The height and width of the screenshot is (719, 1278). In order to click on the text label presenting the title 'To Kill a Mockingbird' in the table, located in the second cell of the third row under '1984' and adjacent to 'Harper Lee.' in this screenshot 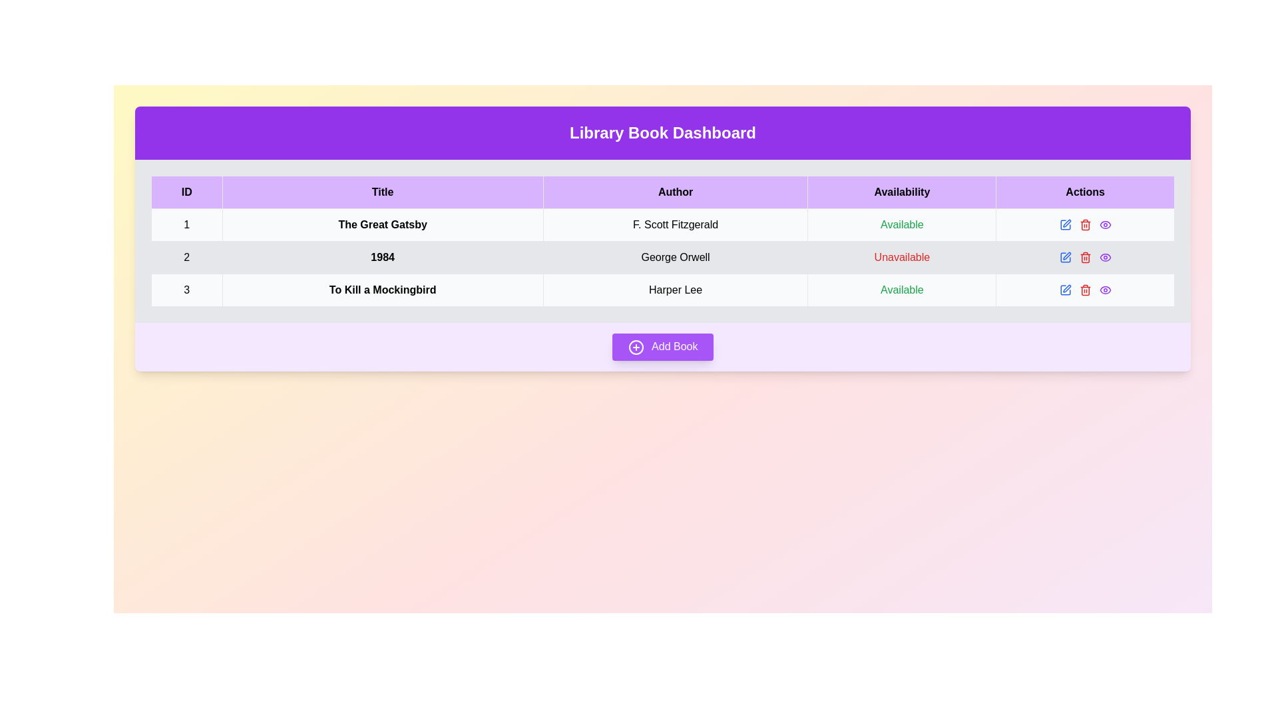, I will do `click(382, 289)`.